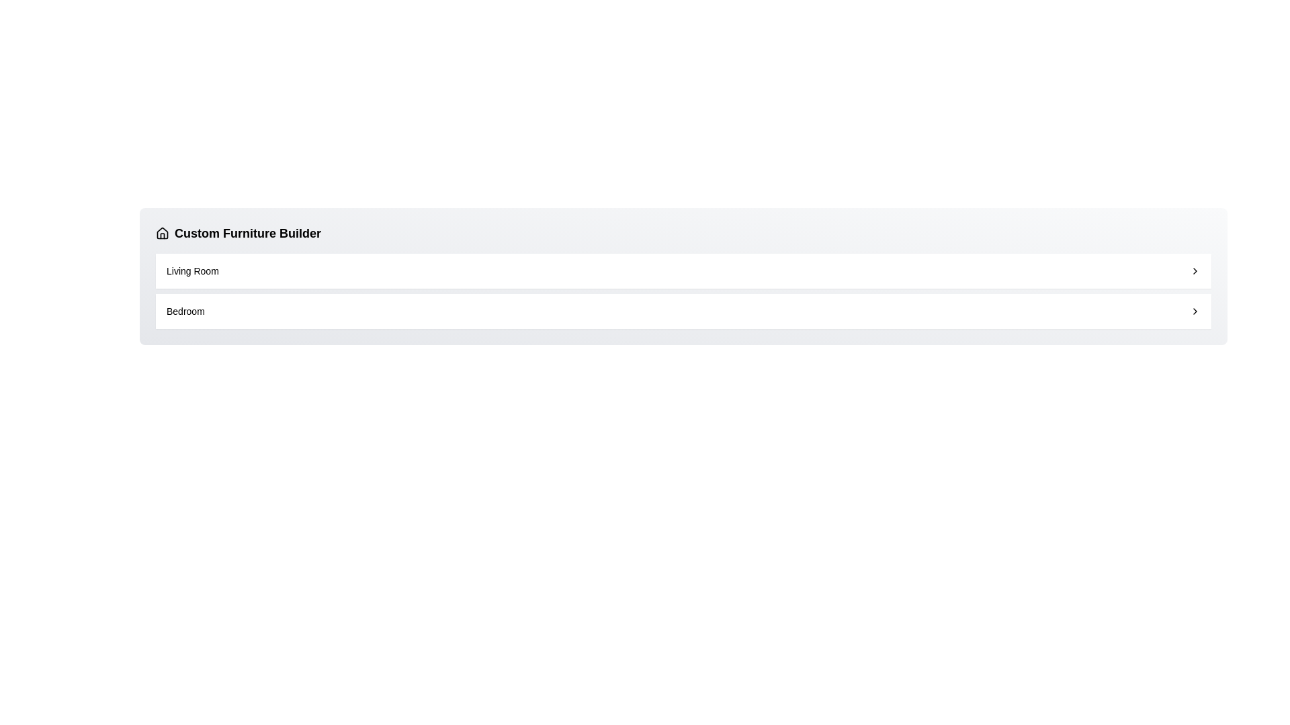 This screenshot has height=725, width=1290. What do you see at coordinates (161, 232) in the screenshot?
I see `the small house-shaped icon outlined in black, located to the left of the text 'Custom Furniture Builder' in the top section of the interface` at bounding box center [161, 232].